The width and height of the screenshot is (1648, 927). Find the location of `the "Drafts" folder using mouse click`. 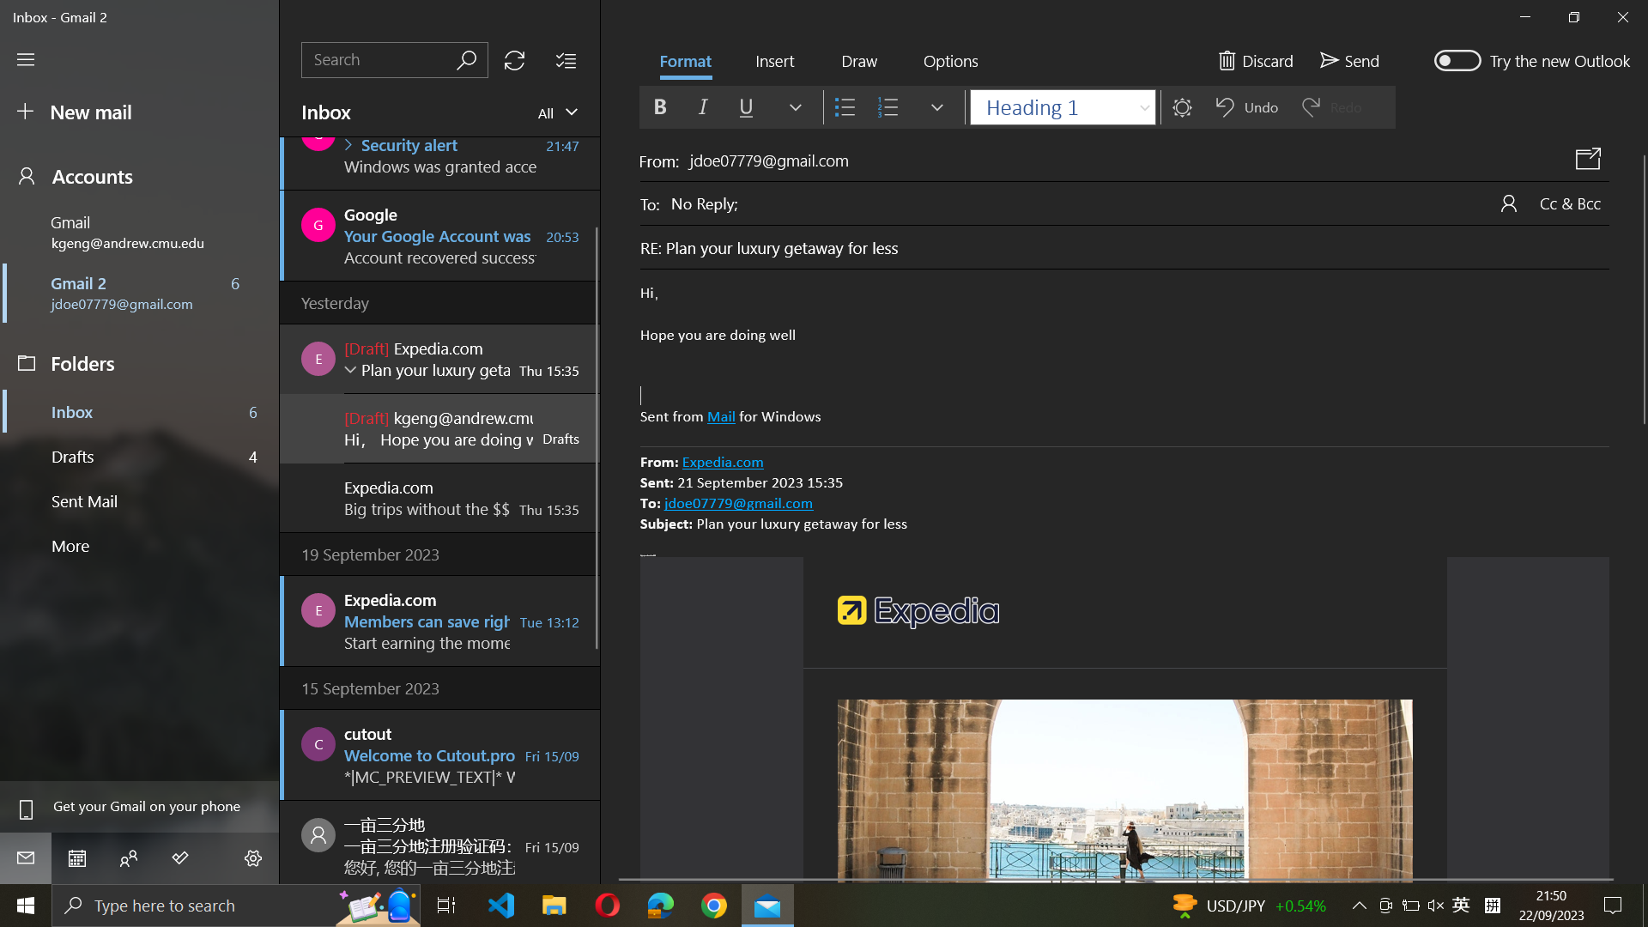

the "Drafts" folder using mouse click is located at coordinates (141, 454).